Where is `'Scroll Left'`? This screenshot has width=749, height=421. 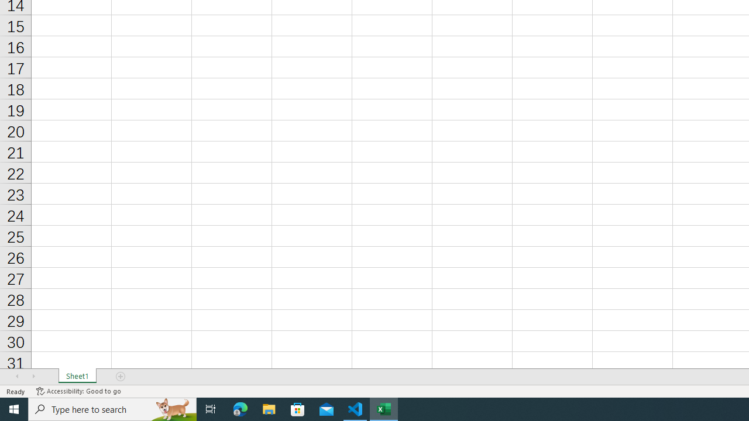 'Scroll Left' is located at coordinates (17, 377).